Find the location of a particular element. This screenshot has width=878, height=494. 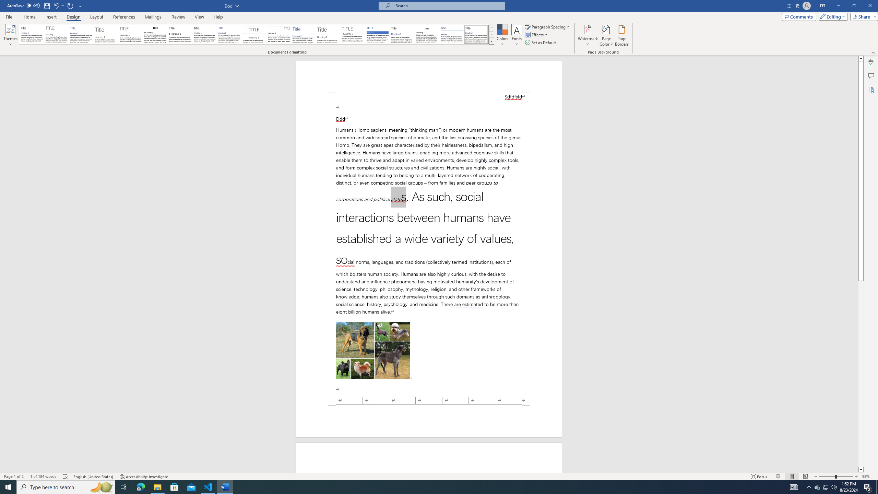

'AutomationID: QuickStylesSets' is located at coordinates (256, 34).